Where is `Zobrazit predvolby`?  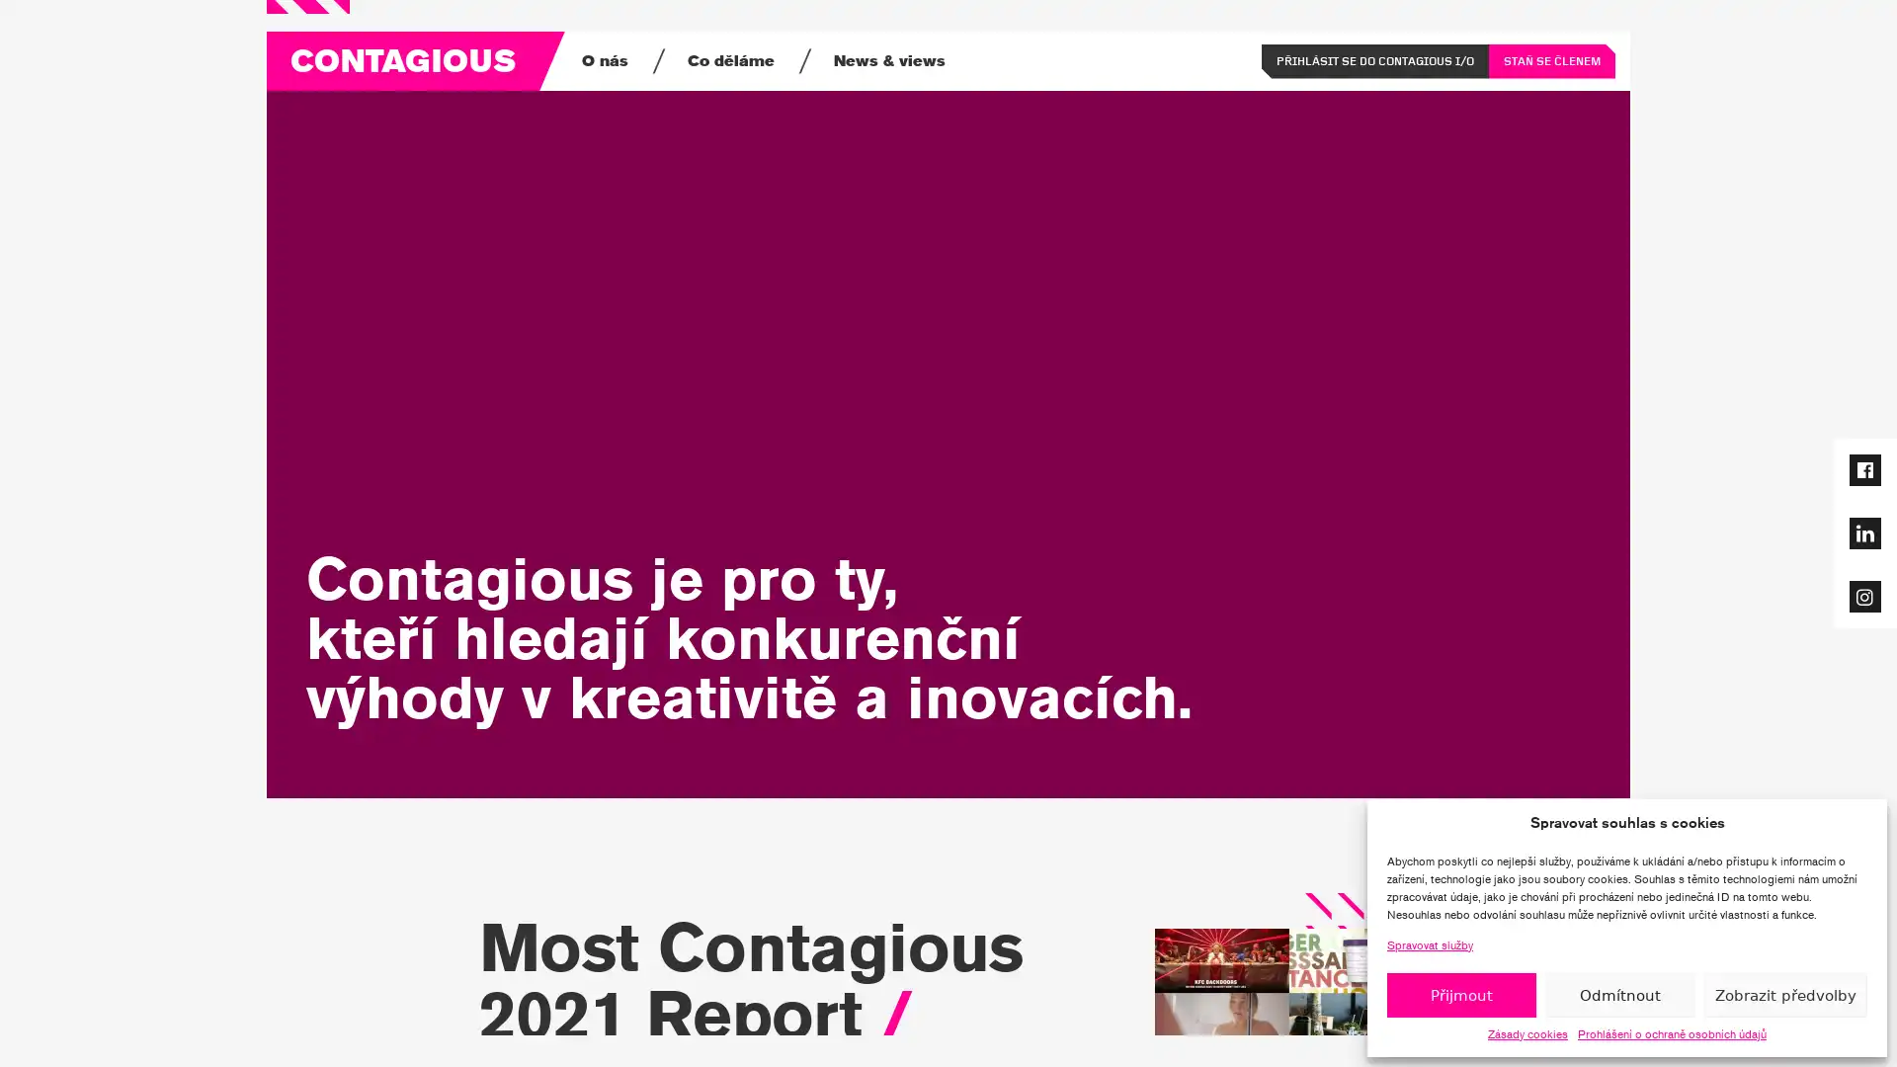
Zobrazit predvolby is located at coordinates (1785, 995).